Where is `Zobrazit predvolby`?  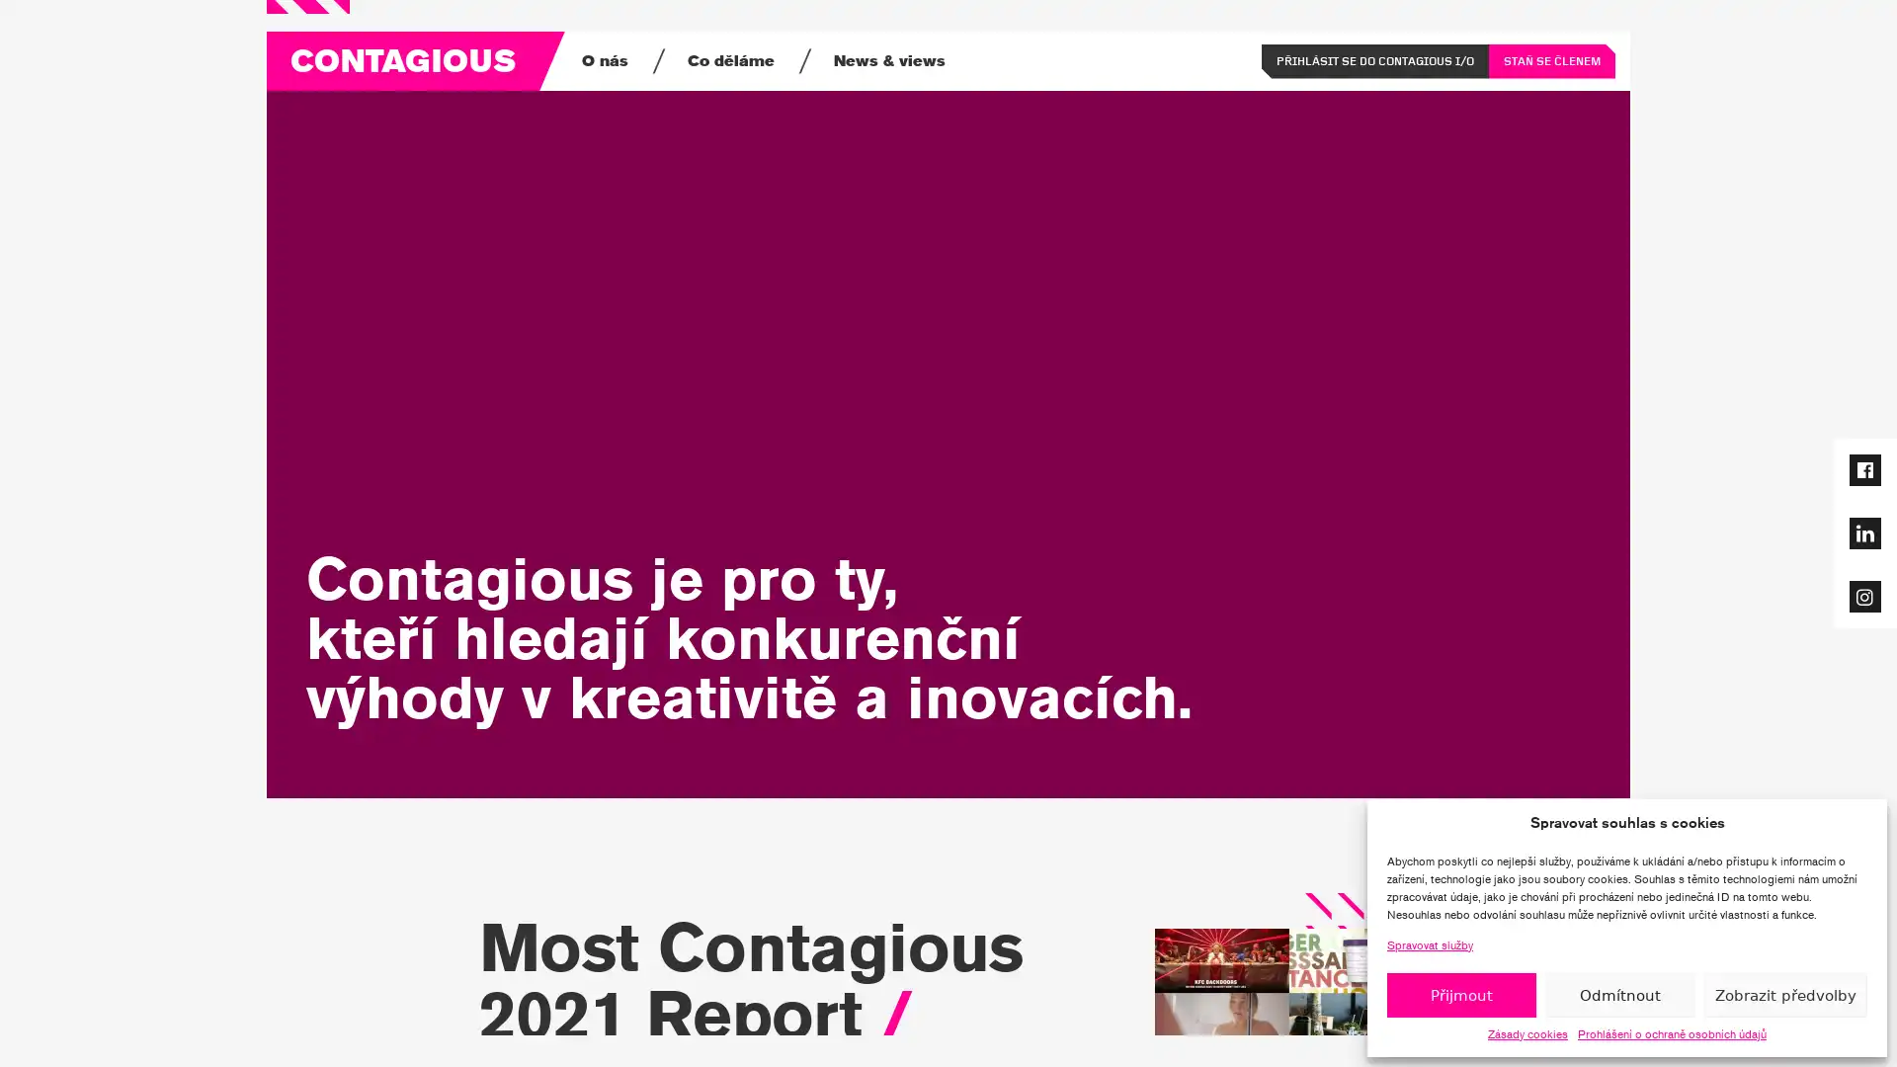
Zobrazit predvolby is located at coordinates (1785, 995).